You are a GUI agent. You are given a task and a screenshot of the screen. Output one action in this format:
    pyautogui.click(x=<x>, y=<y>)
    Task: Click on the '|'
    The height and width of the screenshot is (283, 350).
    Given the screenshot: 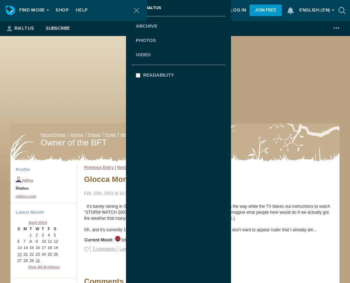 What is the action you would take?
    pyautogui.click(x=115, y=167)
    